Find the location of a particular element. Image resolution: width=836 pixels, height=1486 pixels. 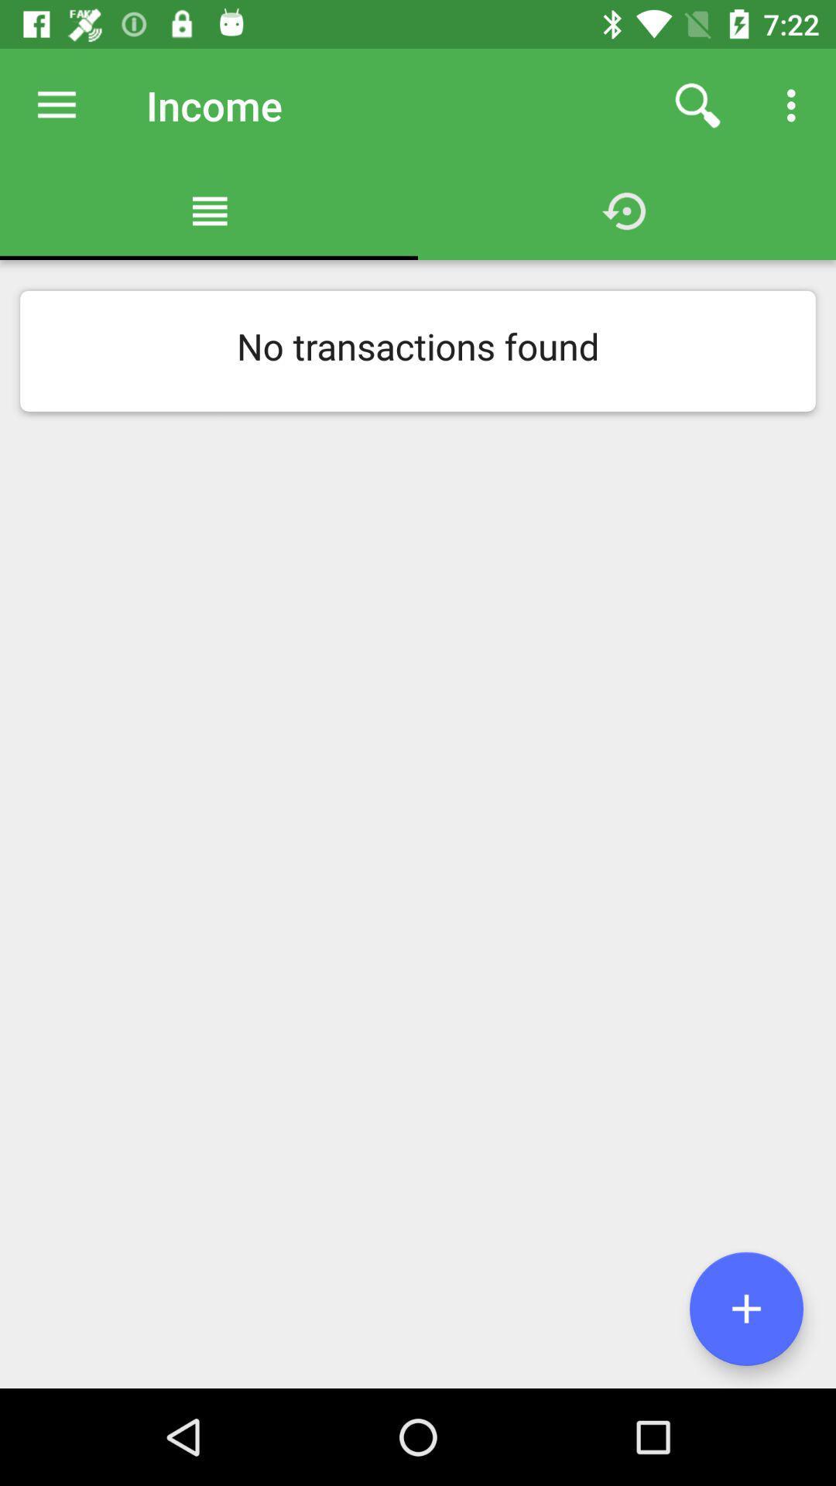

the add icon is located at coordinates (745, 1308).